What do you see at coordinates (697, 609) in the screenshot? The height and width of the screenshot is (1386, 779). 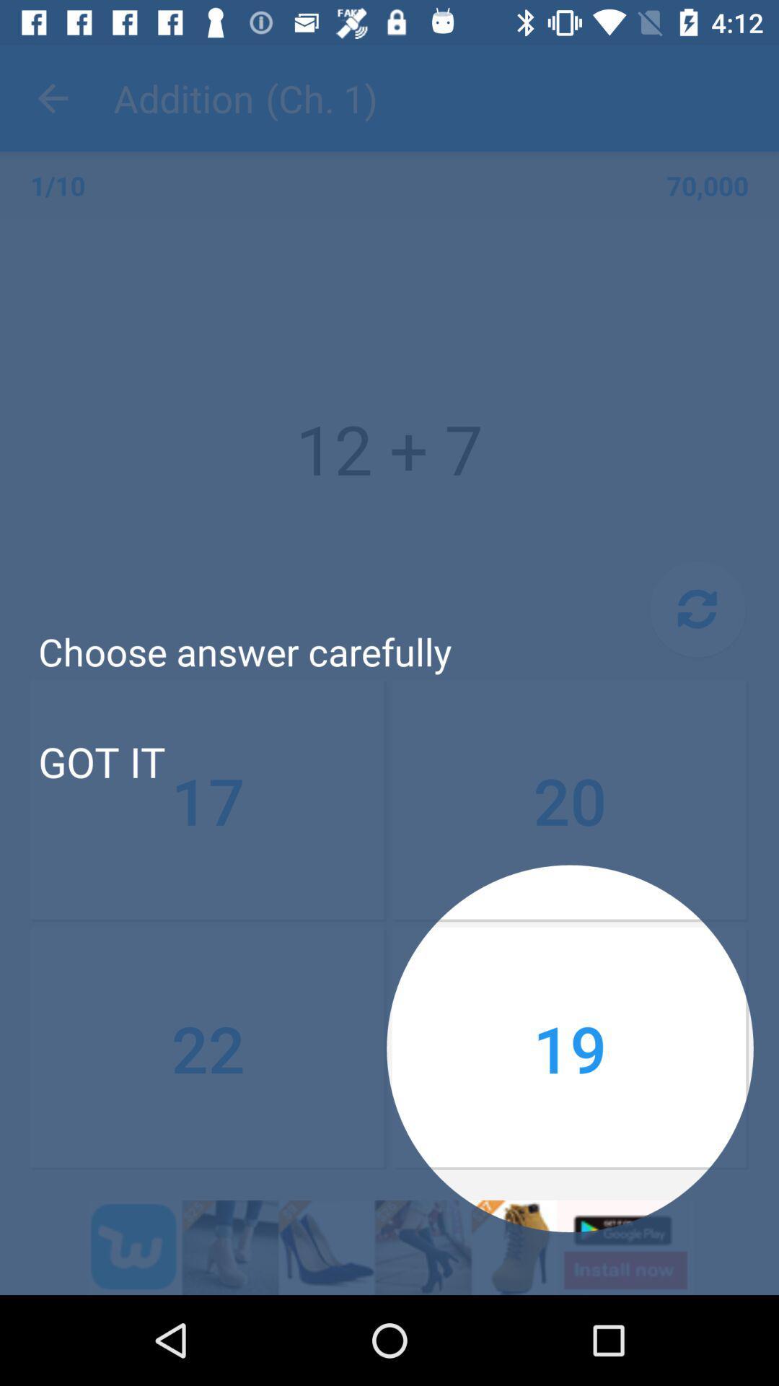 I see `item above 20` at bounding box center [697, 609].